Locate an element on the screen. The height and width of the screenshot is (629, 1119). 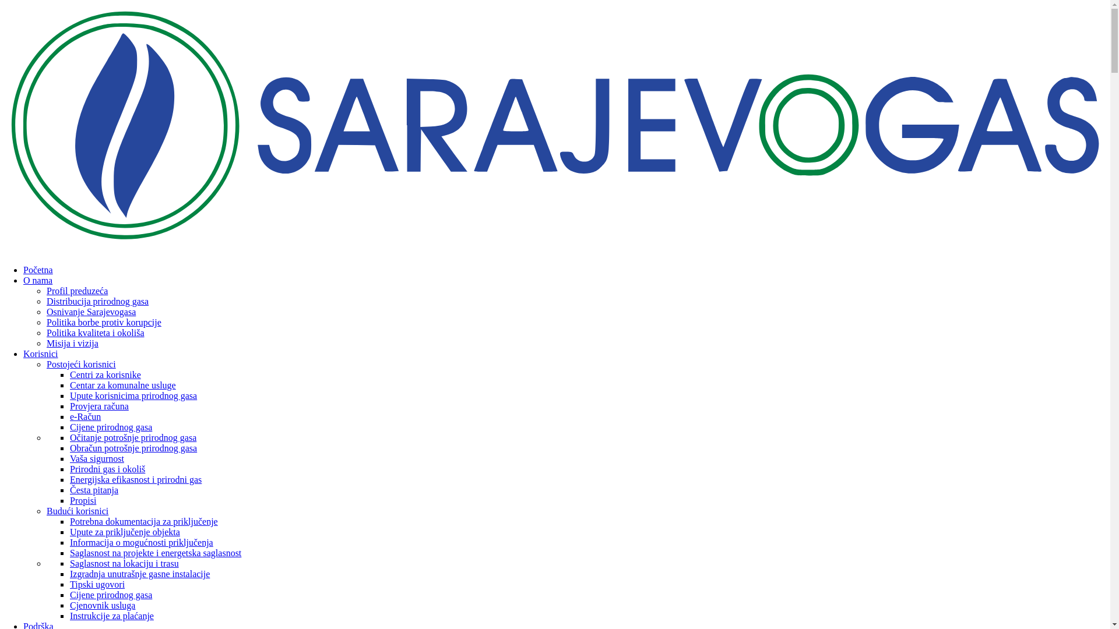
'Misija i vizija' is located at coordinates (72, 342).